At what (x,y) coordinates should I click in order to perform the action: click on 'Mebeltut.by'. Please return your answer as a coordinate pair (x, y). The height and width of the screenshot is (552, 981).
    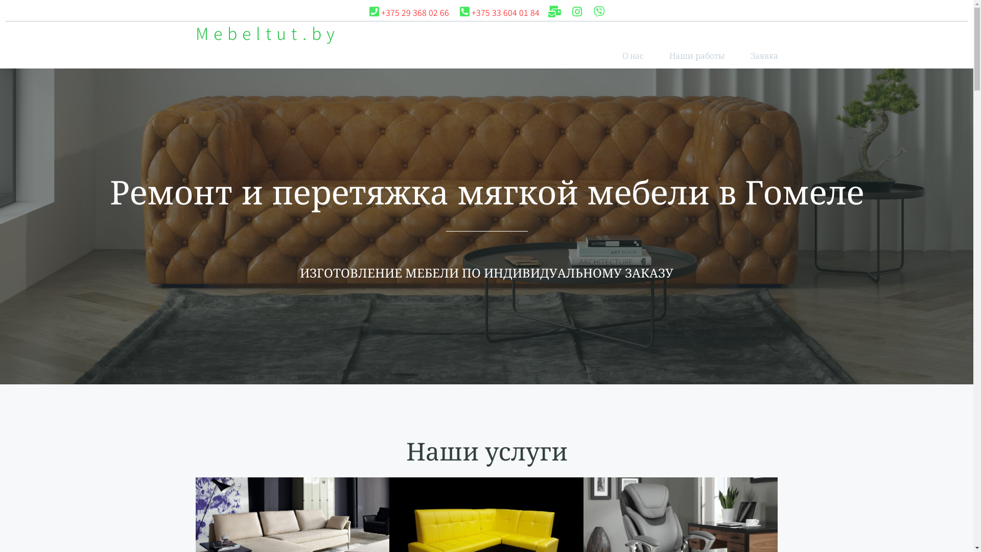
    Looking at the image, I should click on (195, 32).